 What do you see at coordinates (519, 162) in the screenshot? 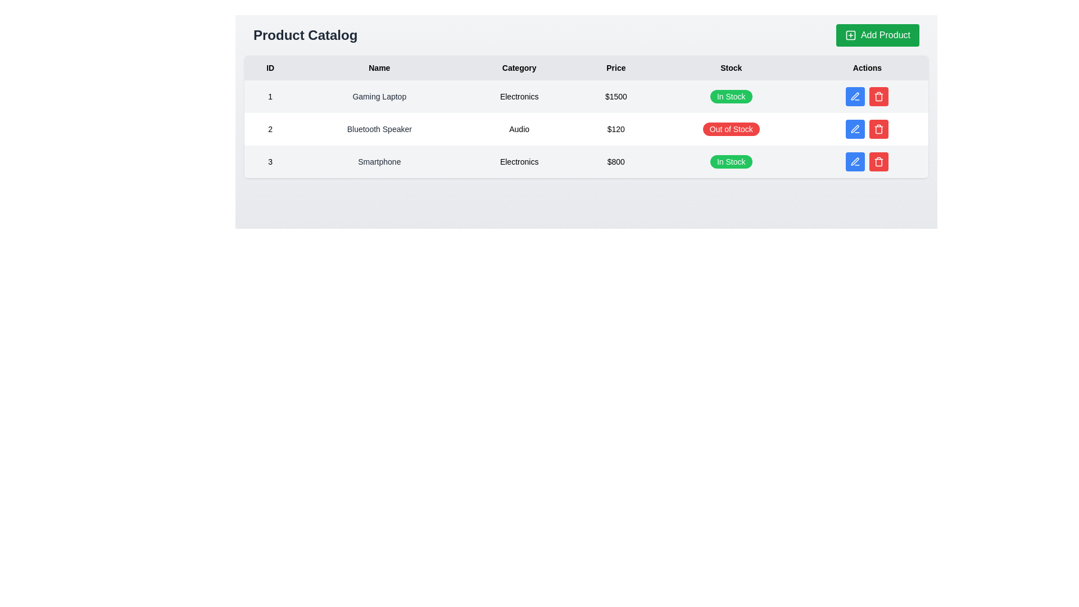
I see `the 'Electronics' text label located in the third row of the table within the 'Category' column to associate it with its corresponding row` at bounding box center [519, 162].